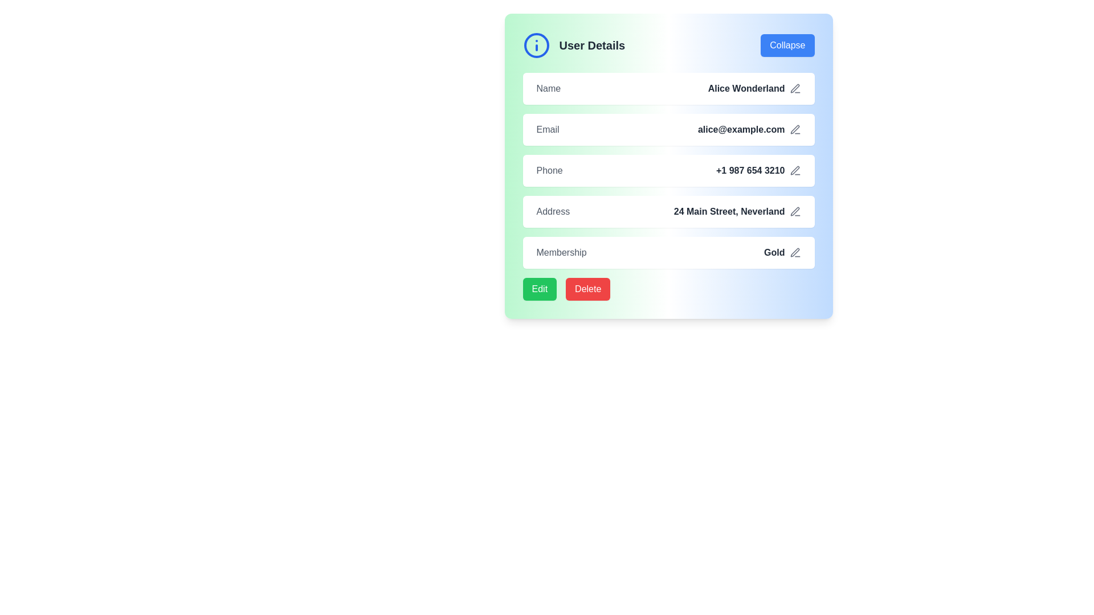 This screenshot has width=1094, height=615. I want to click on the Text label displaying the user's name in the user details form, located next to the 'Name' label in the upper section of the user details card, so click(754, 88).